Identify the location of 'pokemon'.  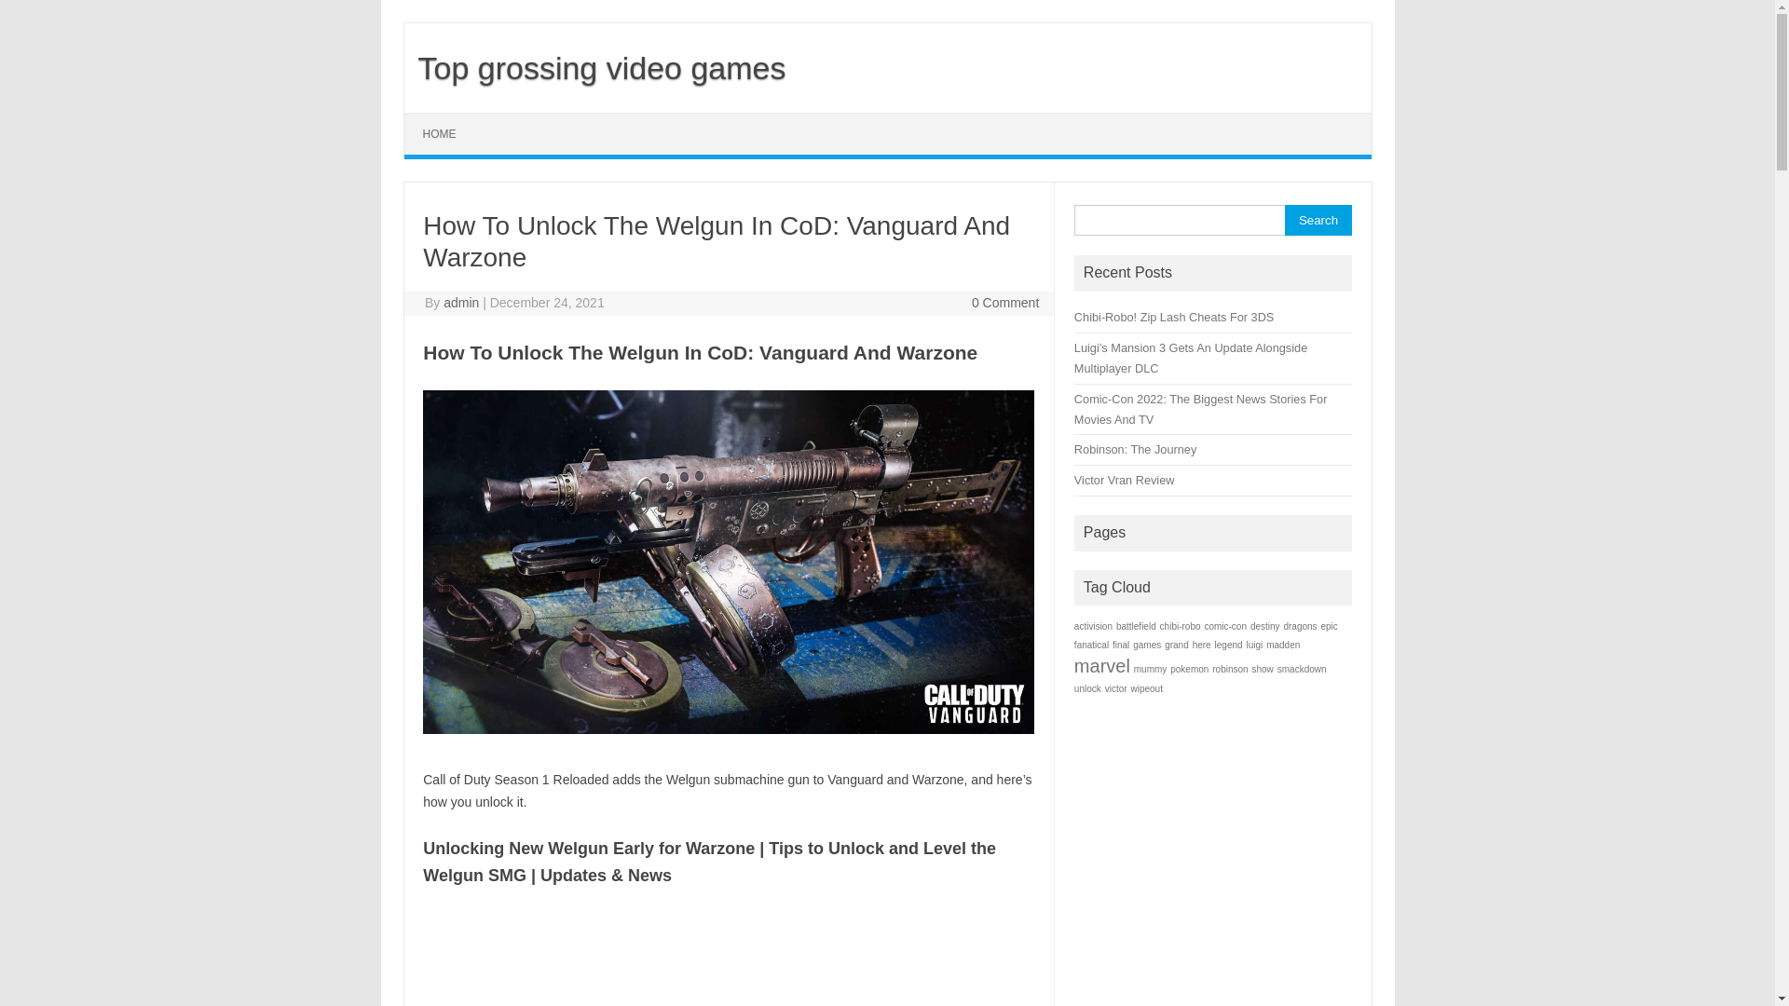
(1188, 668).